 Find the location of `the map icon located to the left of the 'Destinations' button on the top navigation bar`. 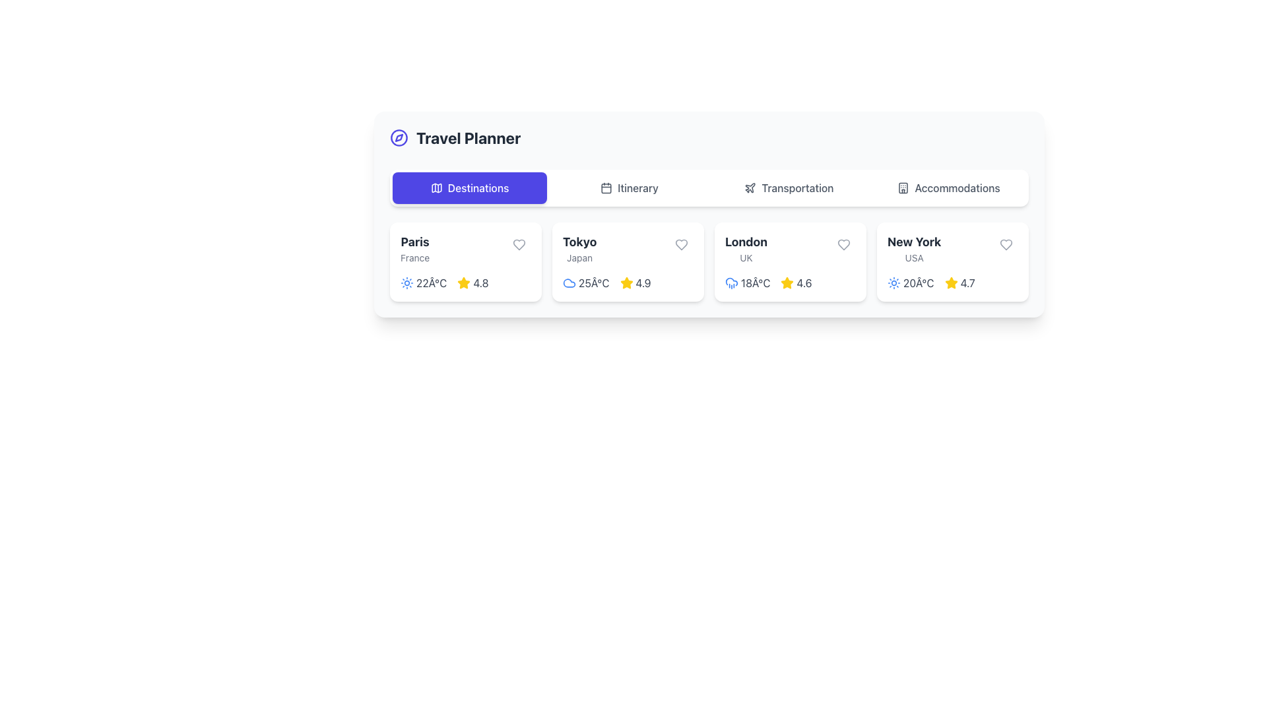

the map icon located to the left of the 'Destinations' button on the top navigation bar is located at coordinates (436, 188).